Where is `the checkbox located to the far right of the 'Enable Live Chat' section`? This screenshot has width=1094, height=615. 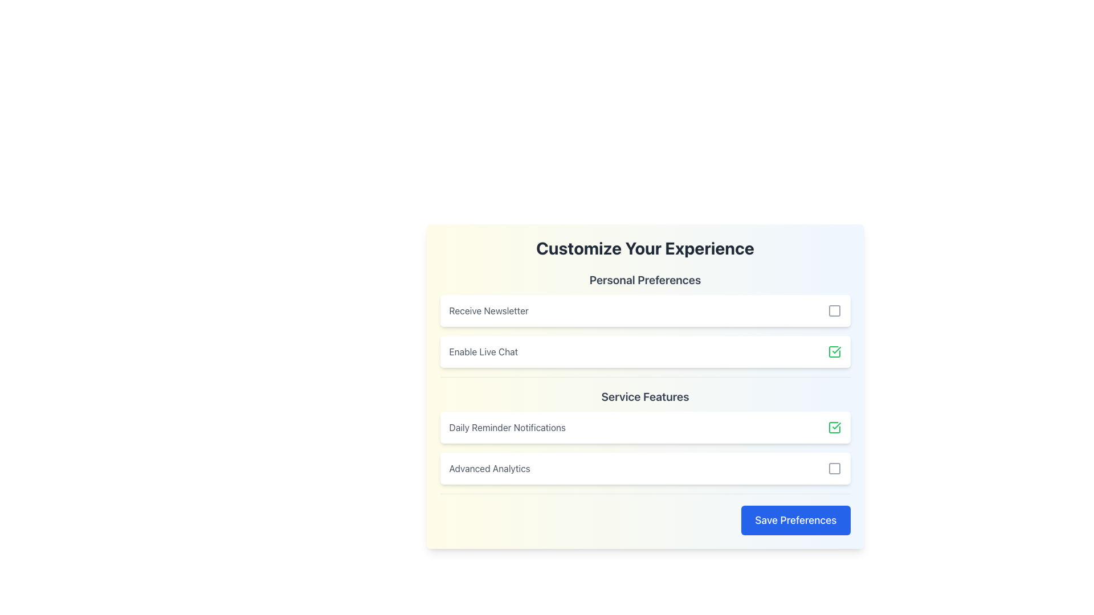
the checkbox located to the far right of the 'Enable Live Chat' section is located at coordinates (834, 351).